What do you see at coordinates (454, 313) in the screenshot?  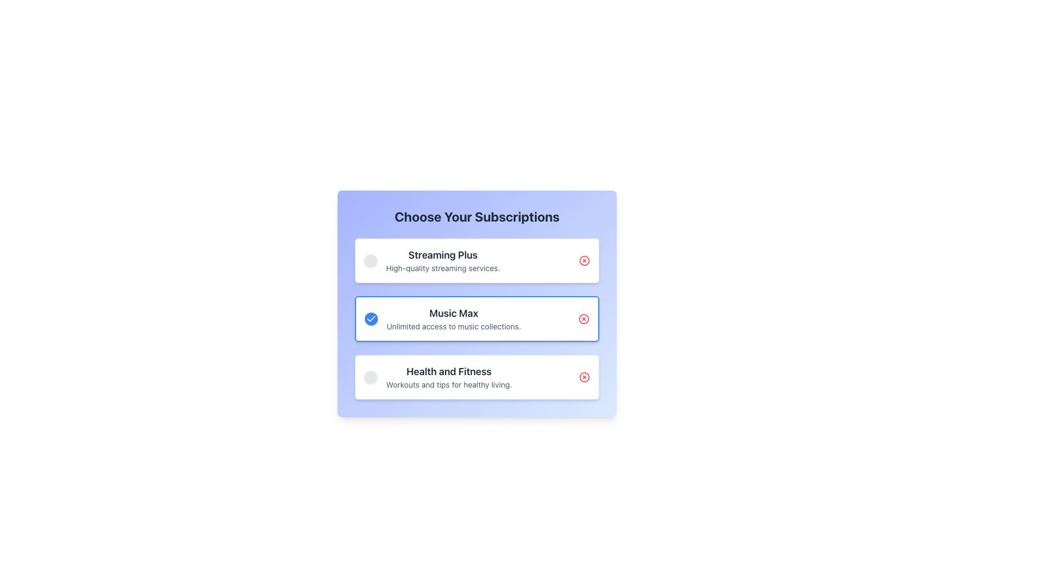 I see `text label 'Music Max' which serves as the title for the subscription option in the interface` at bounding box center [454, 313].